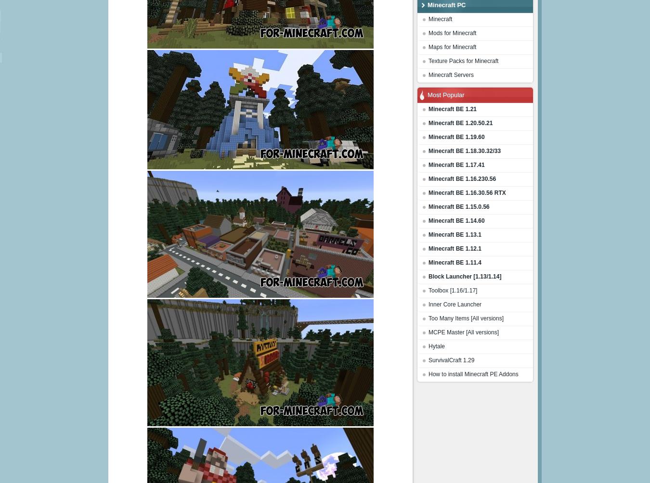 This screenshot has width=650, height=483. Describe the element at coordinates (429, 262) in the screenshot. I see `'Minecraft BE 1.11.4'` at that location.